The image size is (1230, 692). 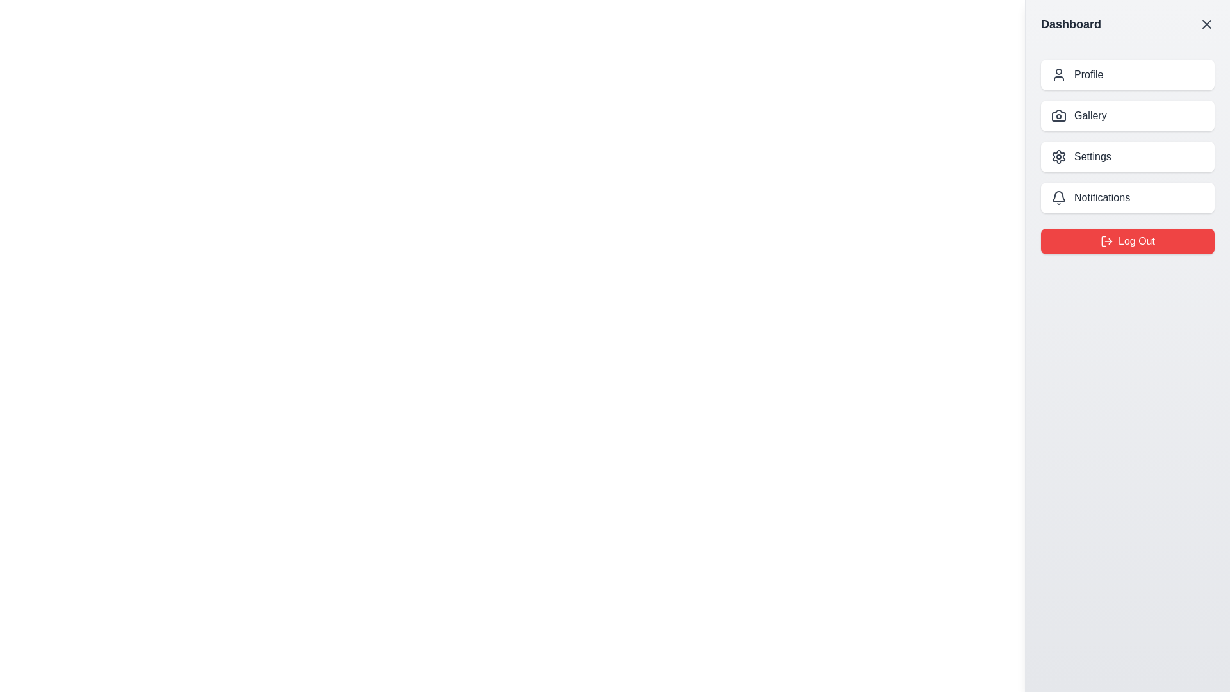 What do you see at coordinates (1103, 242) in the screenshot?
I see `the 'Logout' button located in the right sidebar, positioned at the bottom aligned with other menu options` at bounding box center [1103, 242].